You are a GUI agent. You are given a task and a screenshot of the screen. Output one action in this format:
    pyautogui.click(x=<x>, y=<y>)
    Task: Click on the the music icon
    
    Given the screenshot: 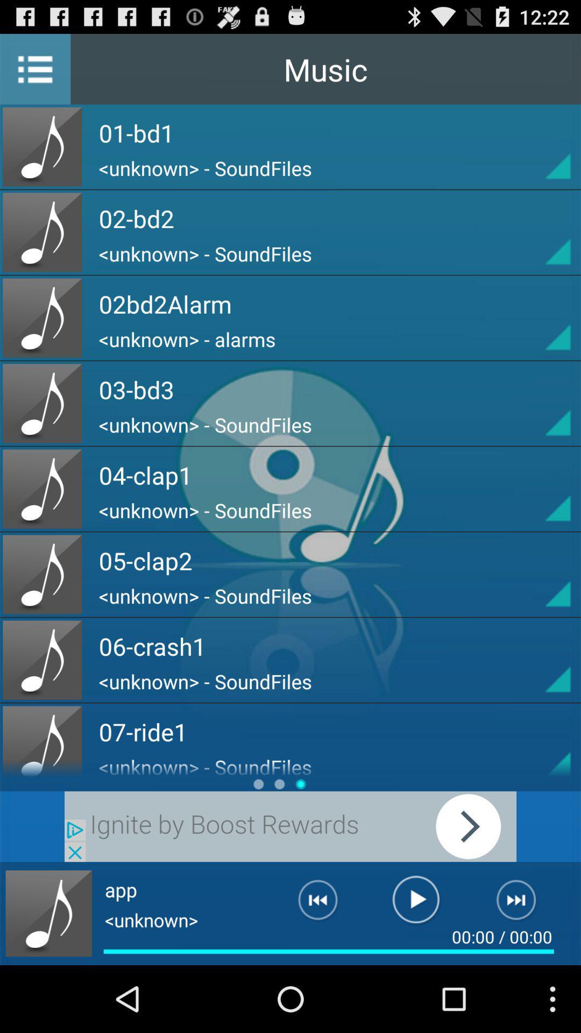 What is the action you would take?
    pyautogui.click(x=48, y=978)
    